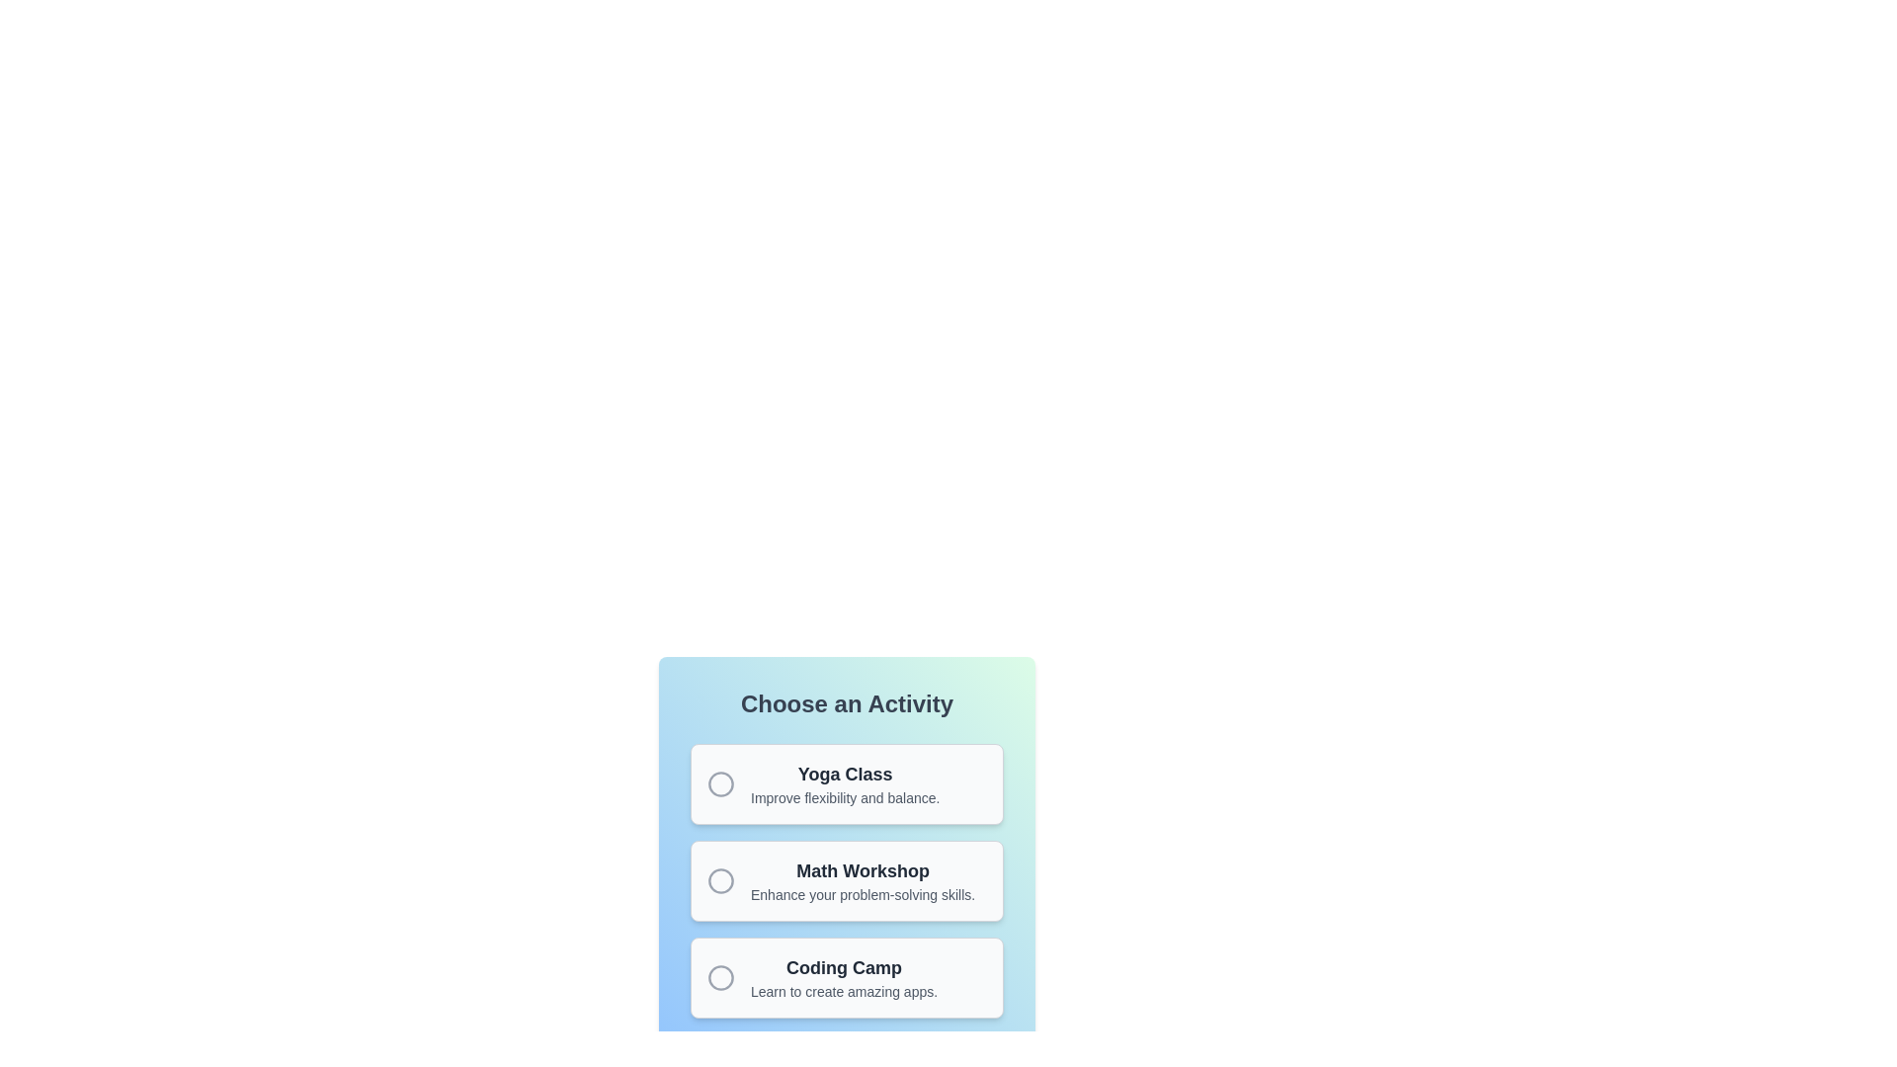 Image resolution: width=1897 pixels, height=1067 pixels. Describe the element at coordinates (719, 879) in the screenshot. I see `the circular Radio button indicator for the 'Math Workshop' activity option` at that location.